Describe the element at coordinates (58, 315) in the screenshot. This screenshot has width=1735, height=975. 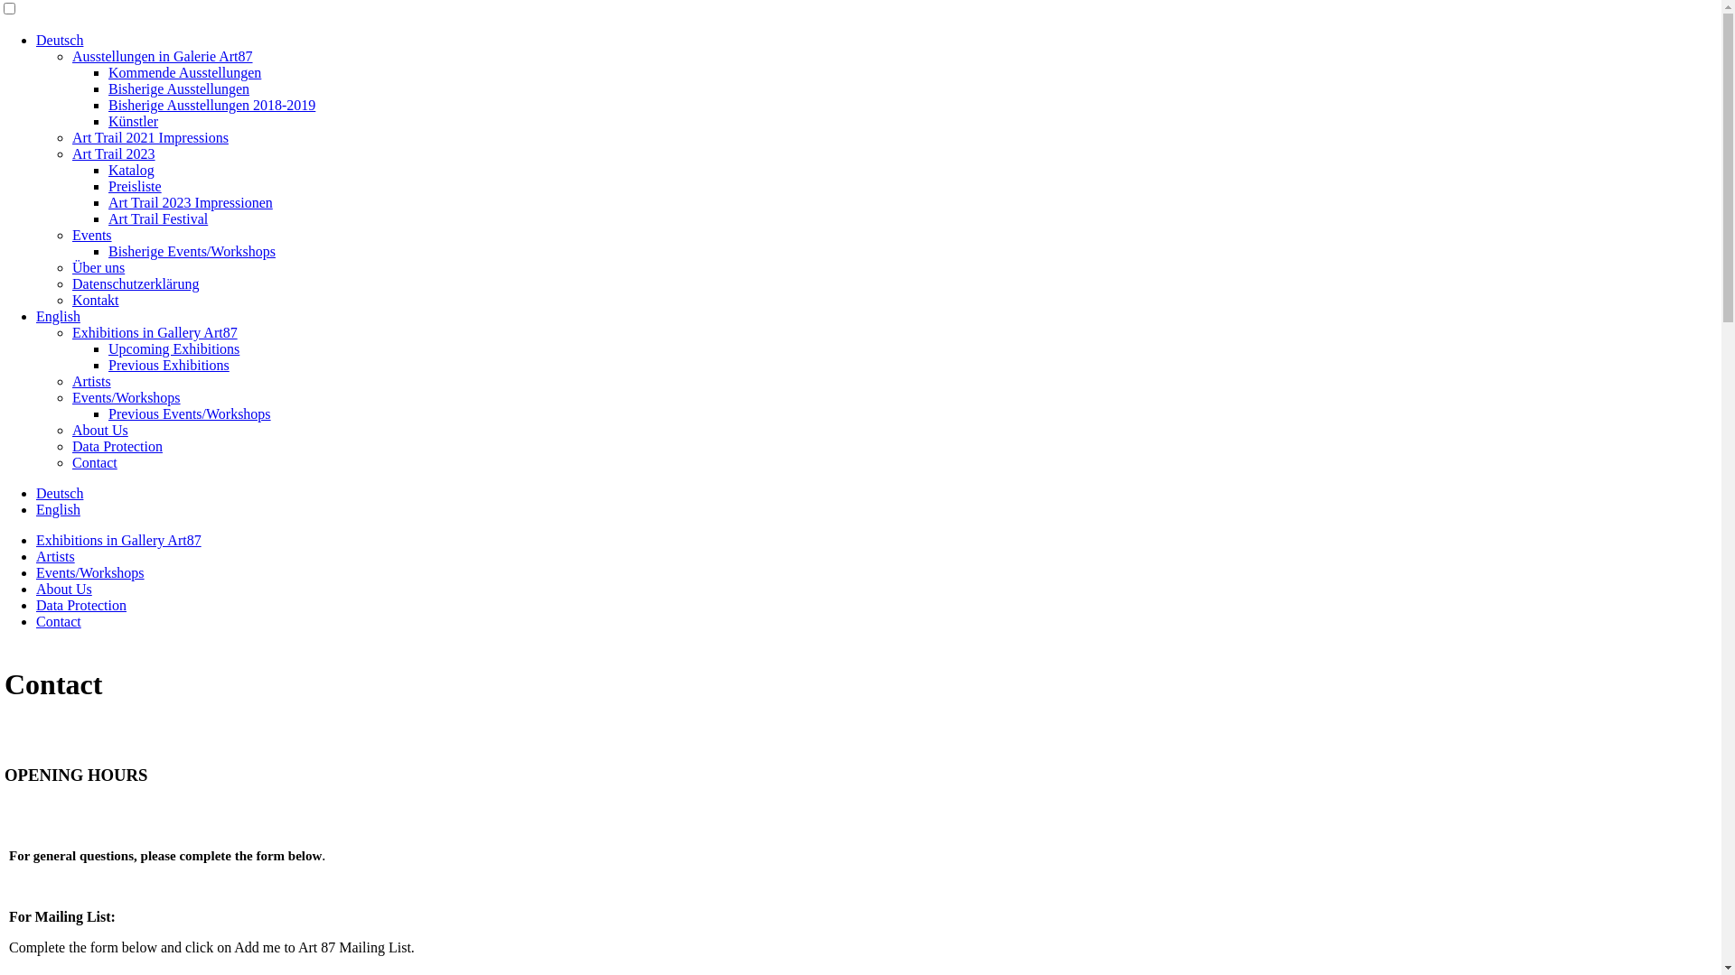
I see `'English'` at that location.